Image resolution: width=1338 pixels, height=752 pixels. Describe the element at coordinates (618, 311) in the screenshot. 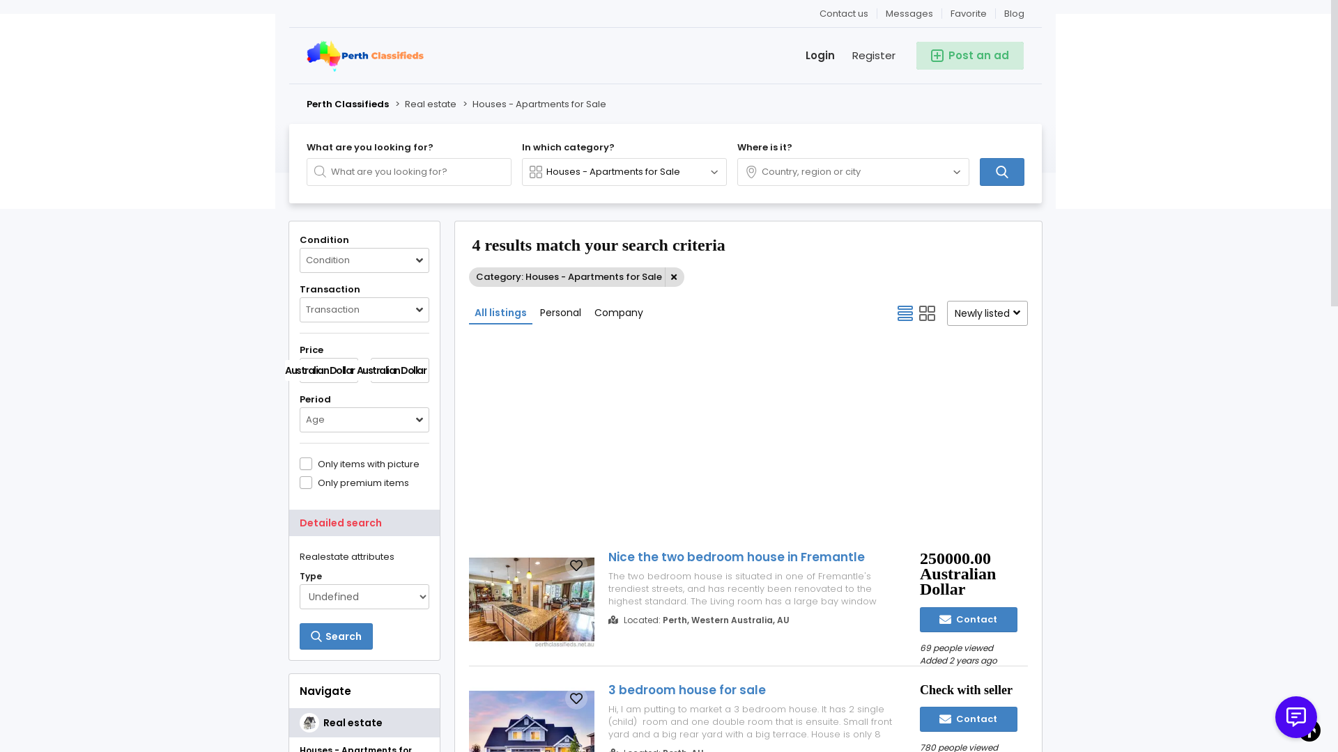

I see `'Company'` at that location.